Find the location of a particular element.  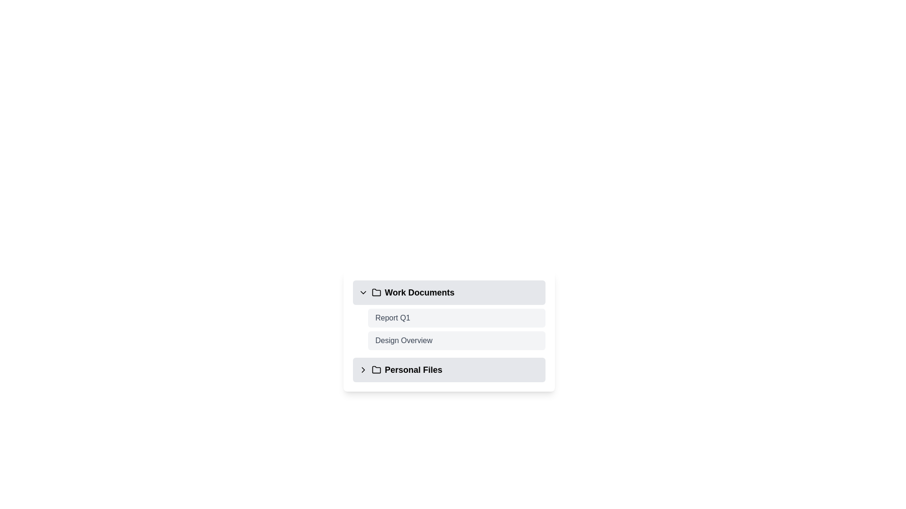

the 'Report Q1' label, which is styled with a small font size and gray color, located in the 'Work Documents' dropdown section is located at coordinates (393, 318).